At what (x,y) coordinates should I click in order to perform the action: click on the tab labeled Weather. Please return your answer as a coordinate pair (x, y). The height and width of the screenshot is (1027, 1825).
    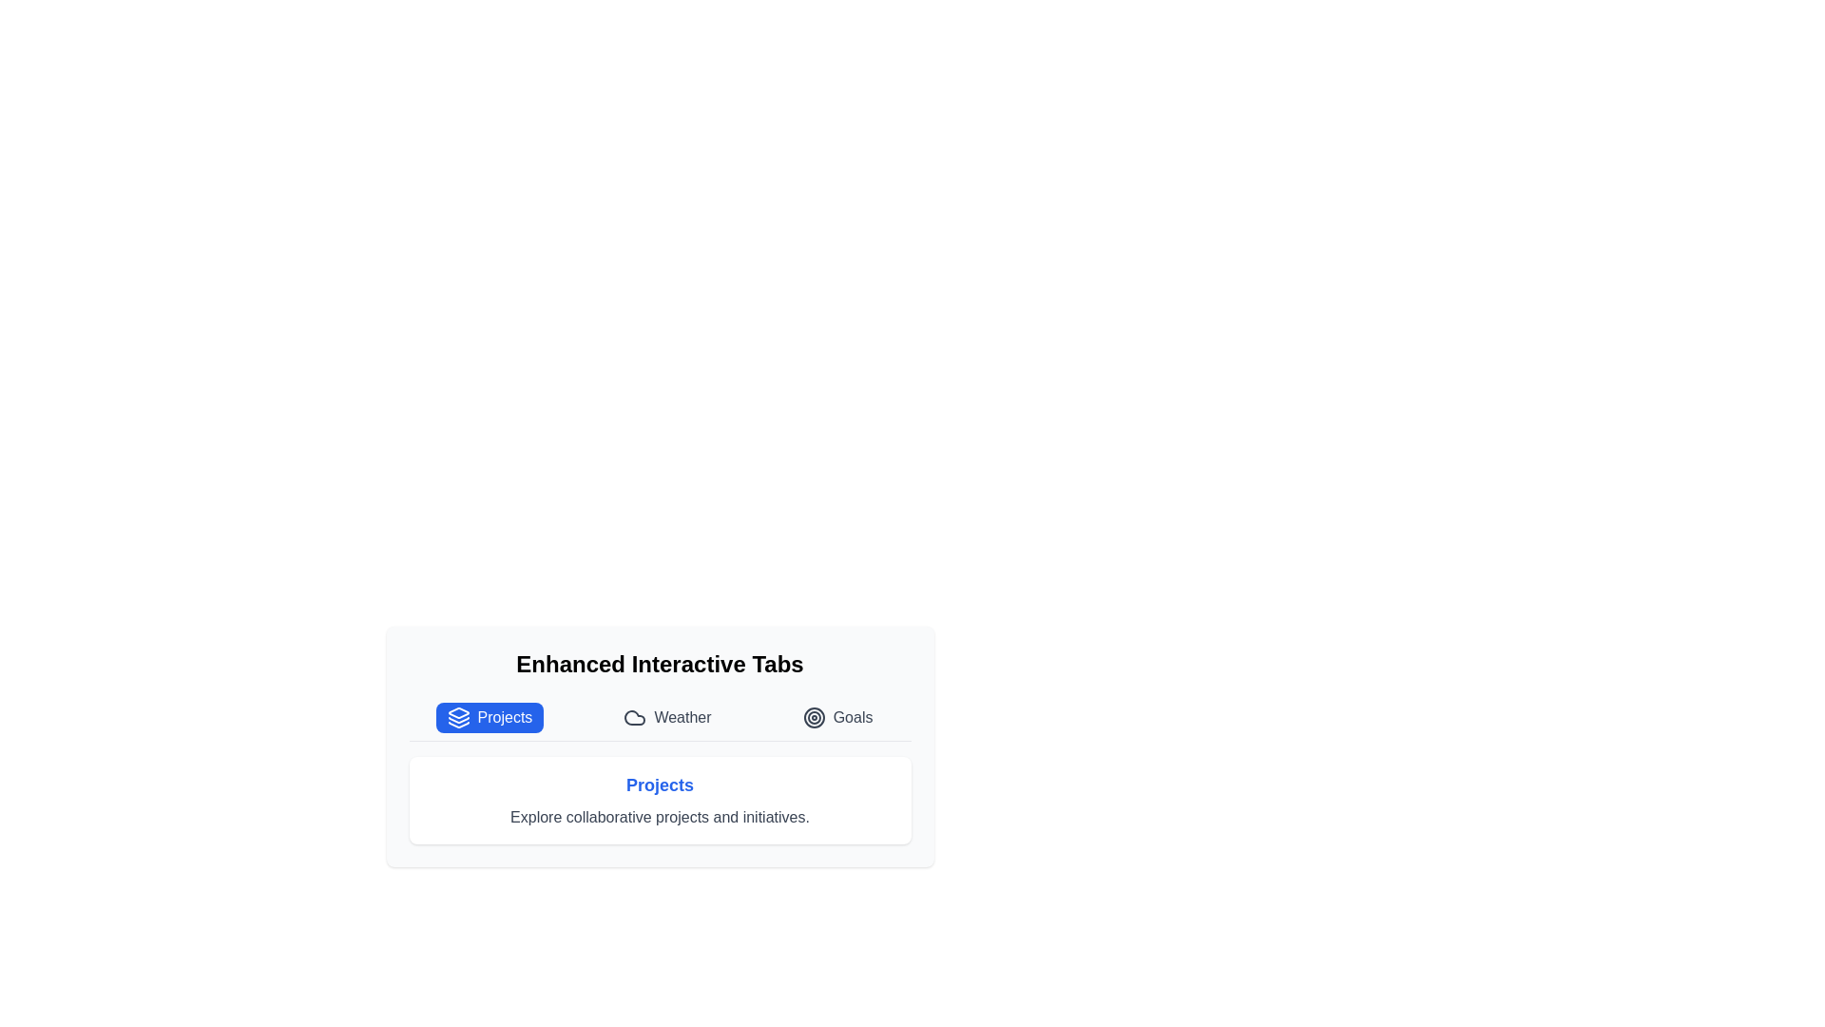
    Looking at the image, I should click on (667, 718).